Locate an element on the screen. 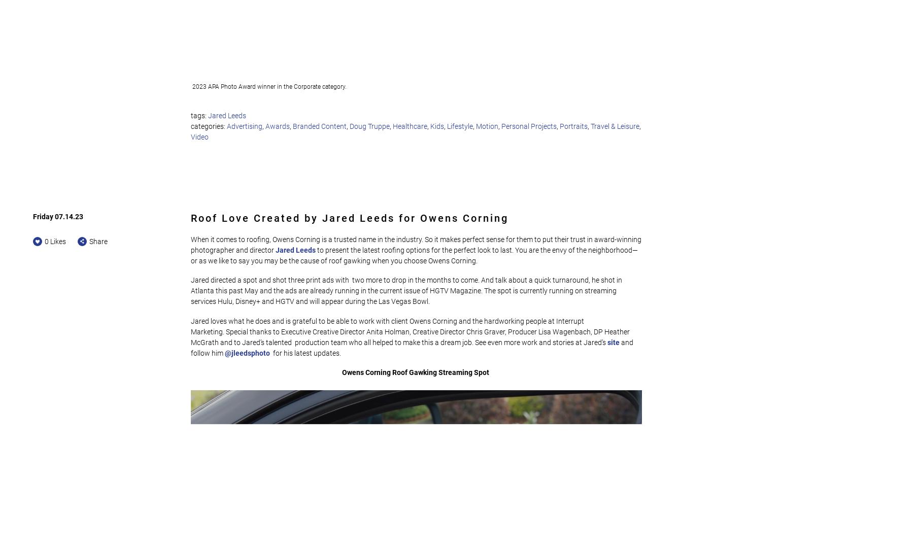  'Portraits' is located at coordinates (573, 126).